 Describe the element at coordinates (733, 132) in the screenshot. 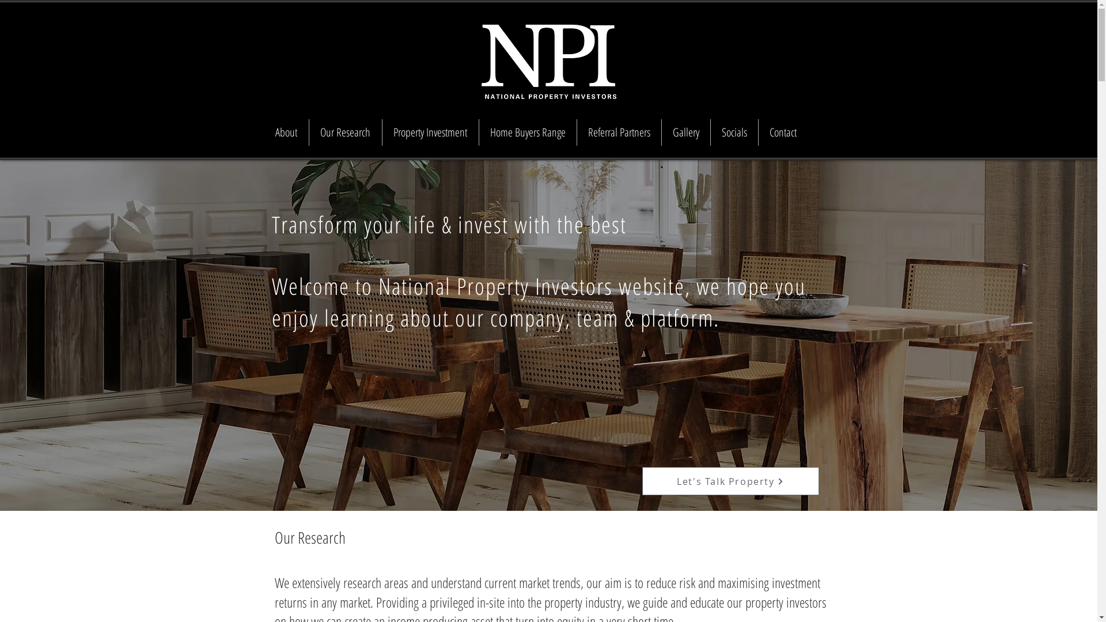

I see `'Socials'` at that location.